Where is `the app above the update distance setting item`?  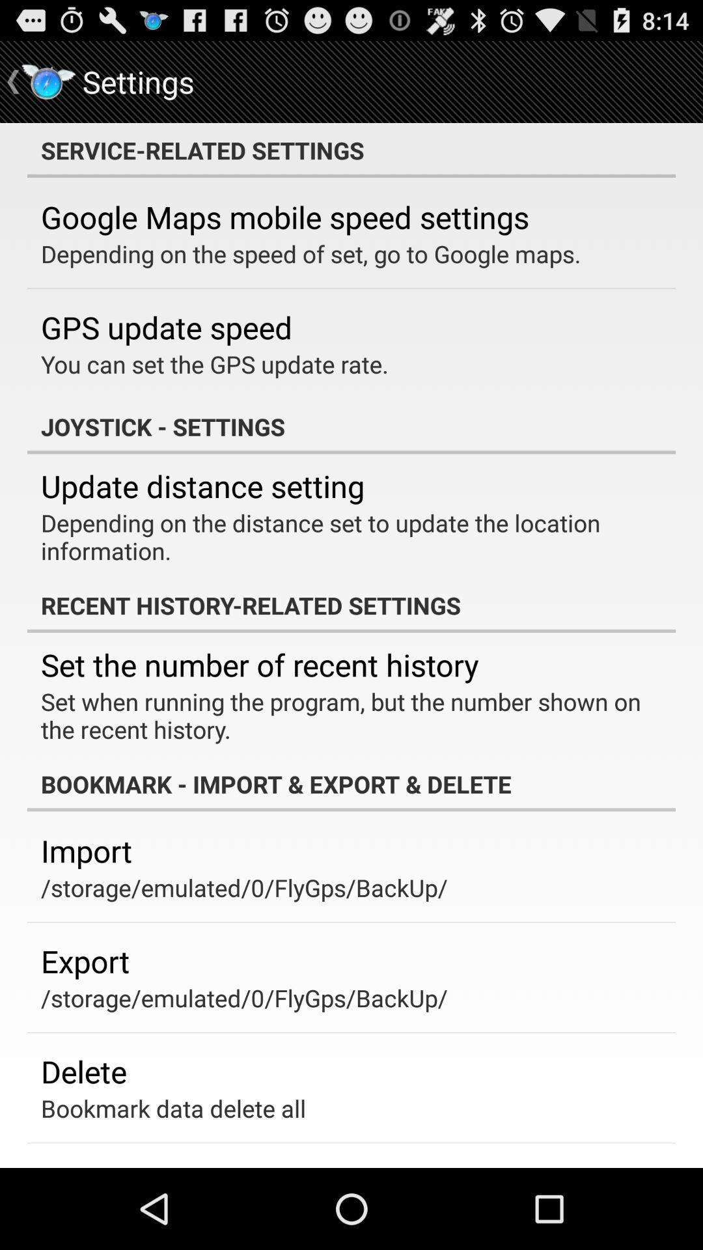 the app above the update distance setting item is located at coordinates (351, 426).